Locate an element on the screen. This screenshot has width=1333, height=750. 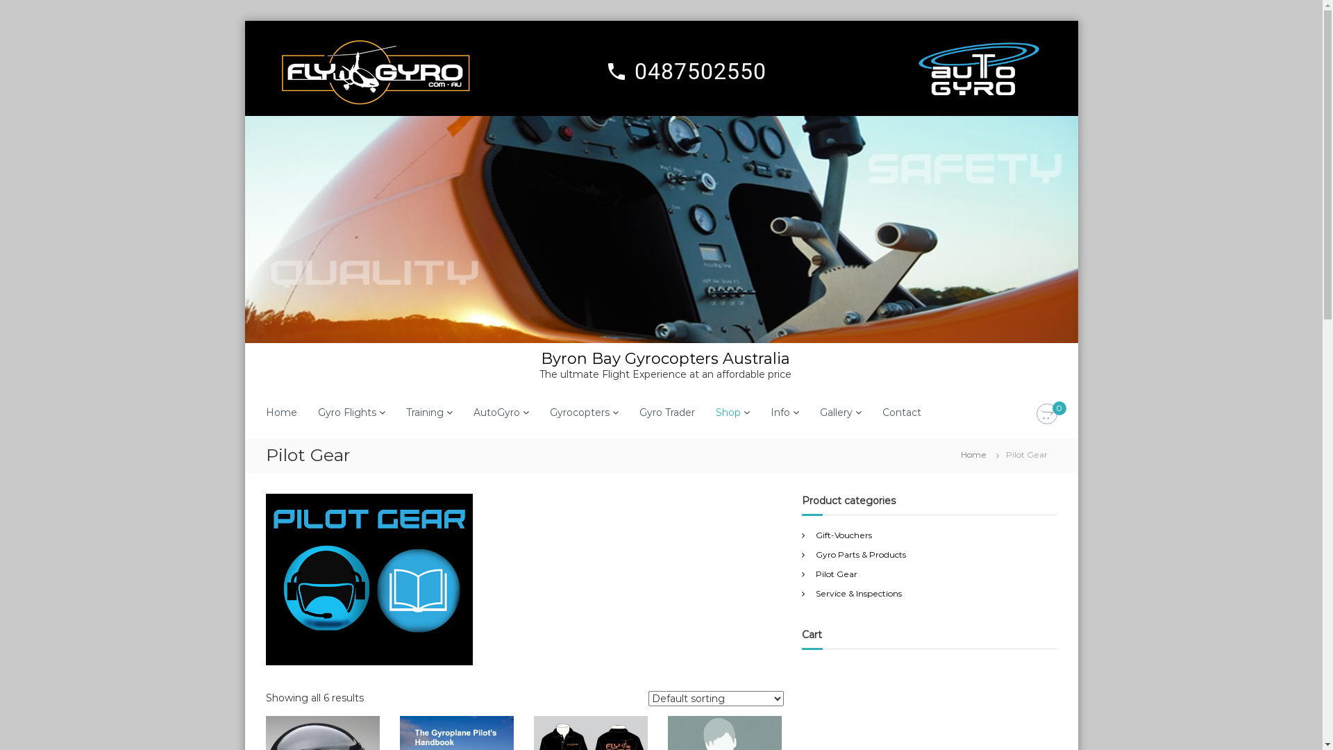
'Home' is located at coordinates (280, 412).